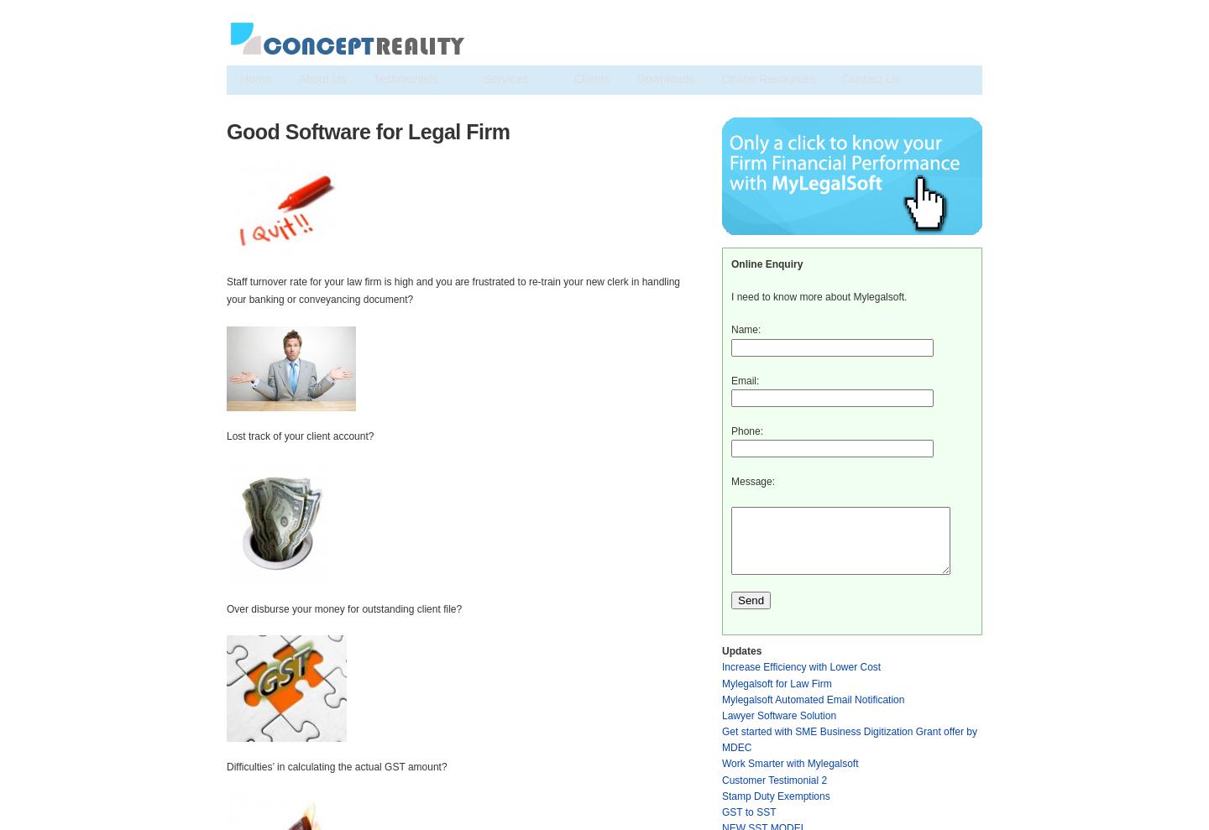  I want to click on 'GST to SST', so click(747, 812).